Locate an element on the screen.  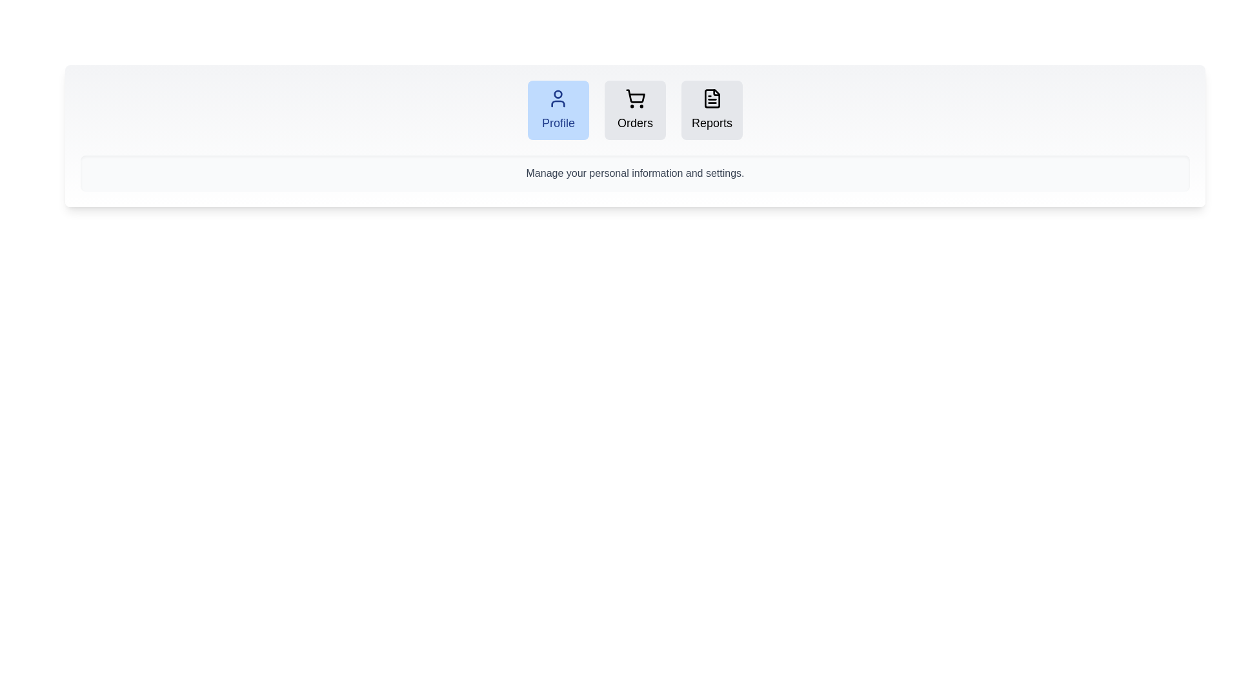
the tab labeled Profile to observe its hover effect is located at coordinates (558, 109).